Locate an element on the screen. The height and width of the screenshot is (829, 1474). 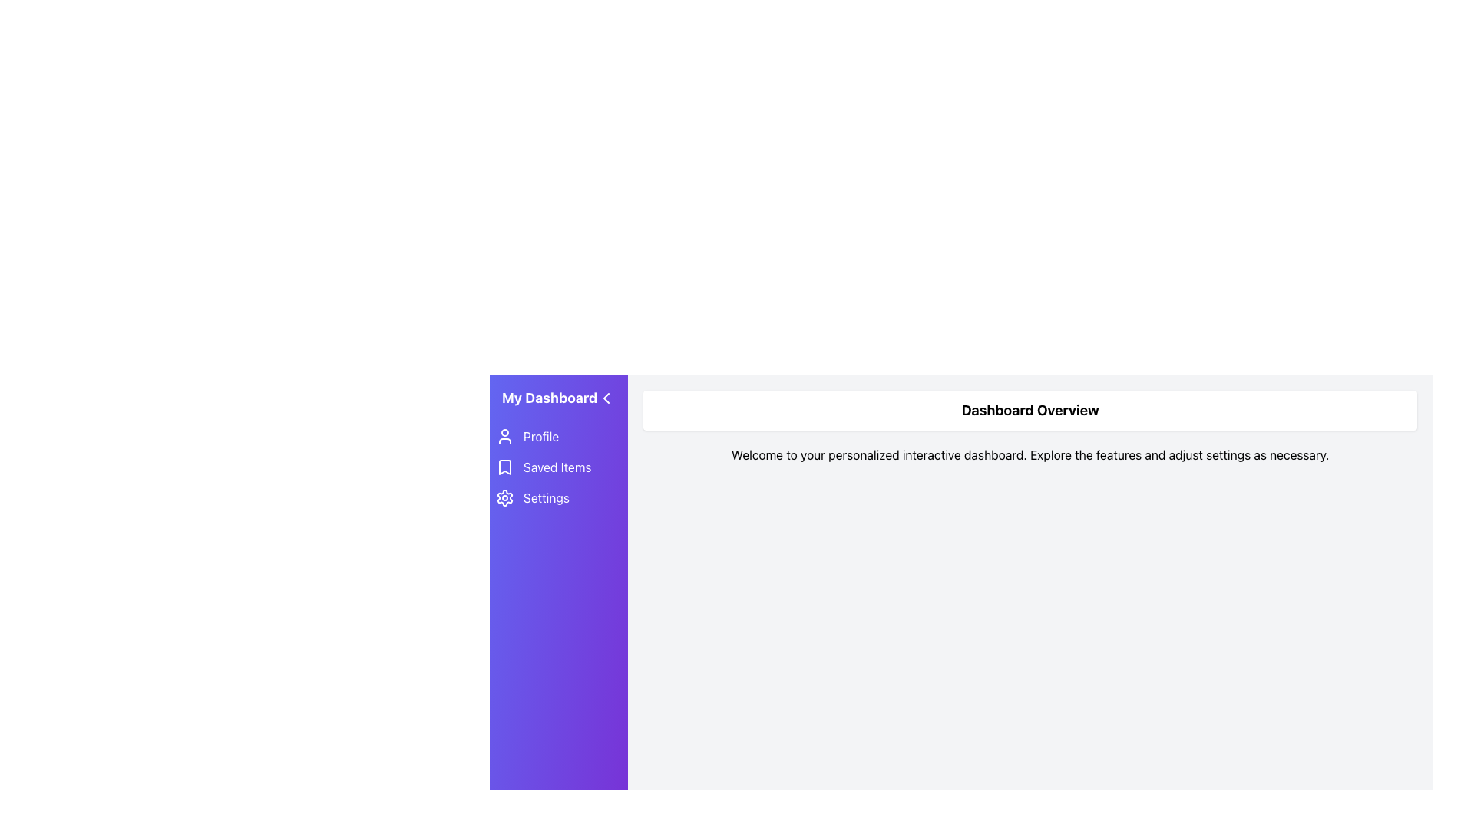
the 'Profile' text label in the vertical navigation menu, which indicates the profile section and is the first item within the menu group is located at coordinates (541, 437).